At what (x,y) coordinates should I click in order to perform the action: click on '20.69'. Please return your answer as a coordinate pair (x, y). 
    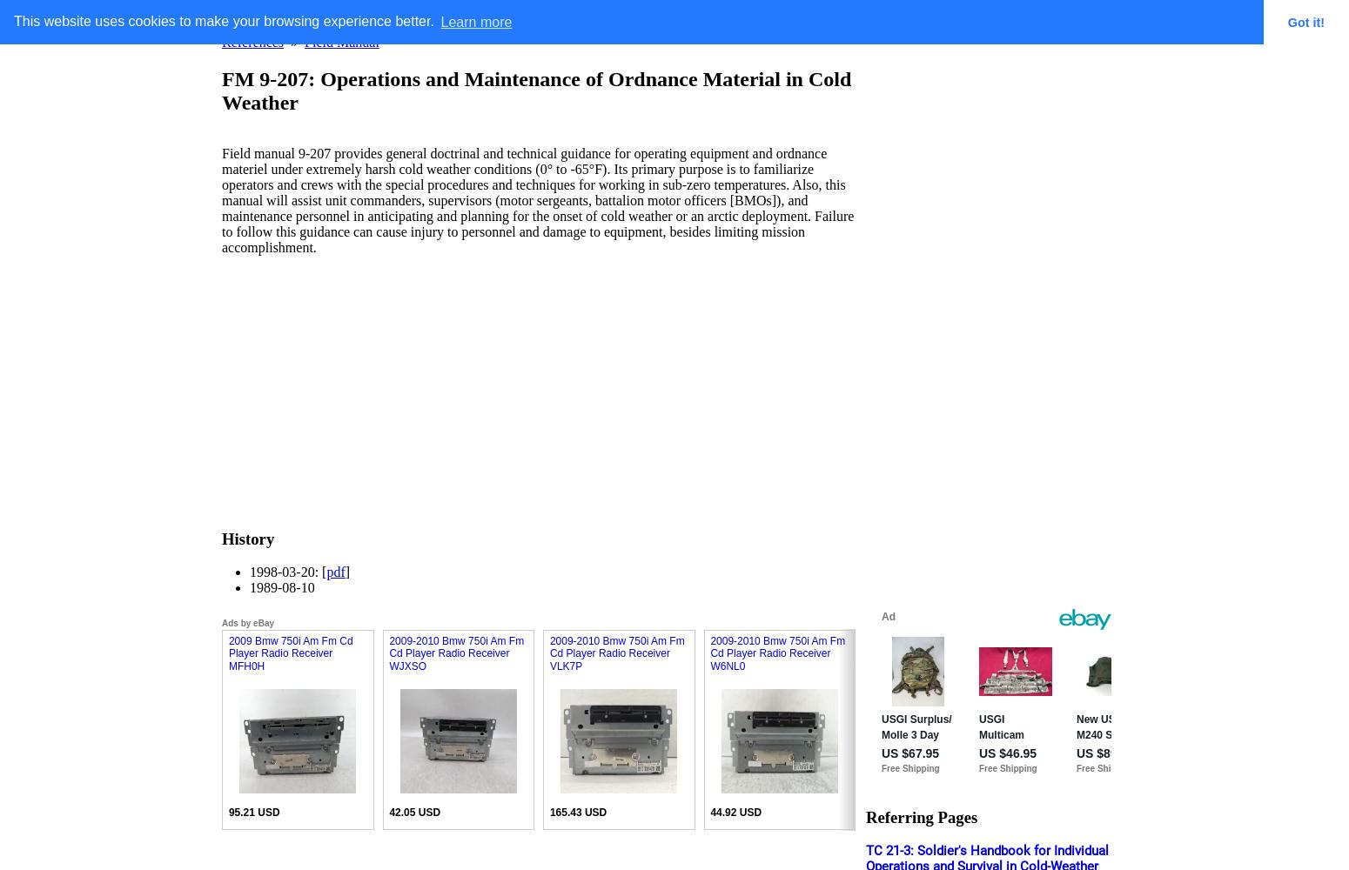
    Looking at the image, I should click on (1204, 813).